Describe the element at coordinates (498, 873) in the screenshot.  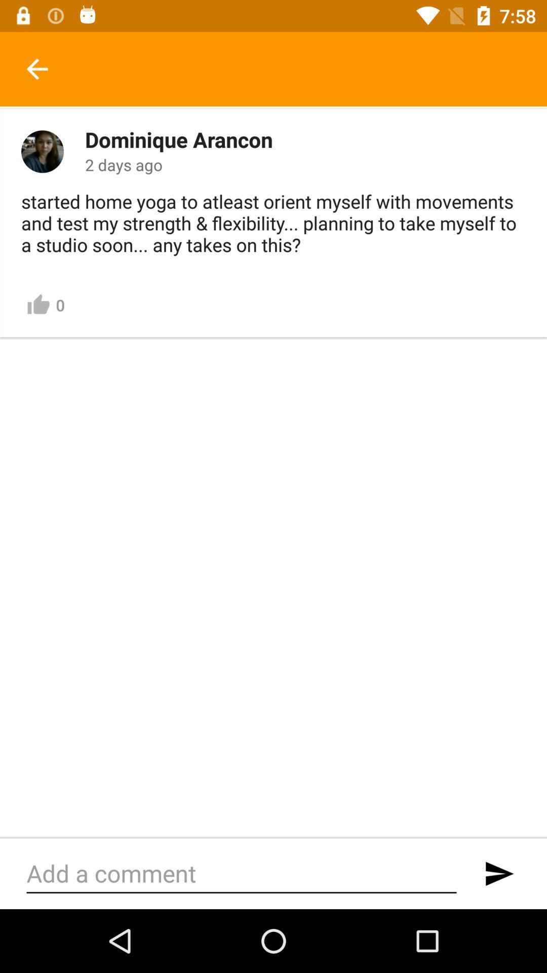
I see `the send icon` at that location.